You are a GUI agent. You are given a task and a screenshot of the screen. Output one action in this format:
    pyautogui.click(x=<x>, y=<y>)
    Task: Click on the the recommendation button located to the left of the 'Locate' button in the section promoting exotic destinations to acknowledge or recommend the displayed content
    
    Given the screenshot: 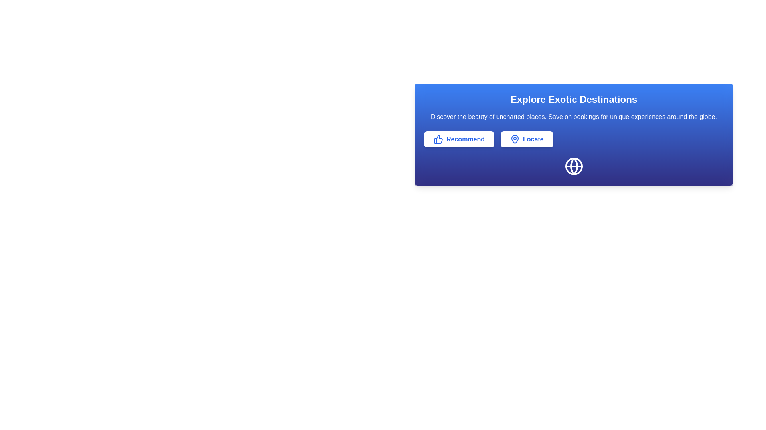 What is the action you would take?
    pyautogui.click(x=459, y=139)
    